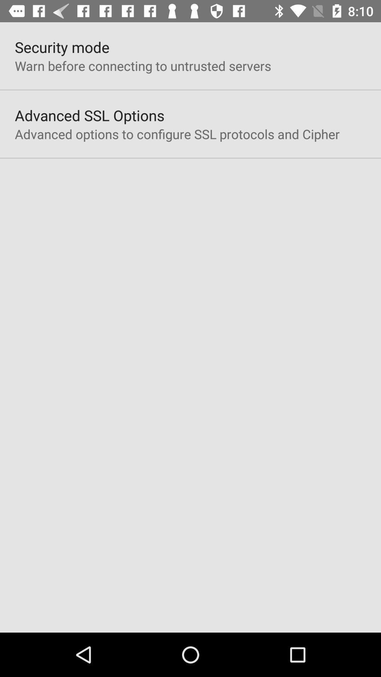 Image resolution: width=381 pixels, height=677 pixels. Describe the element at coordinates (143, 66) in the screenshot. I see `warn before connecting icon` at that location.